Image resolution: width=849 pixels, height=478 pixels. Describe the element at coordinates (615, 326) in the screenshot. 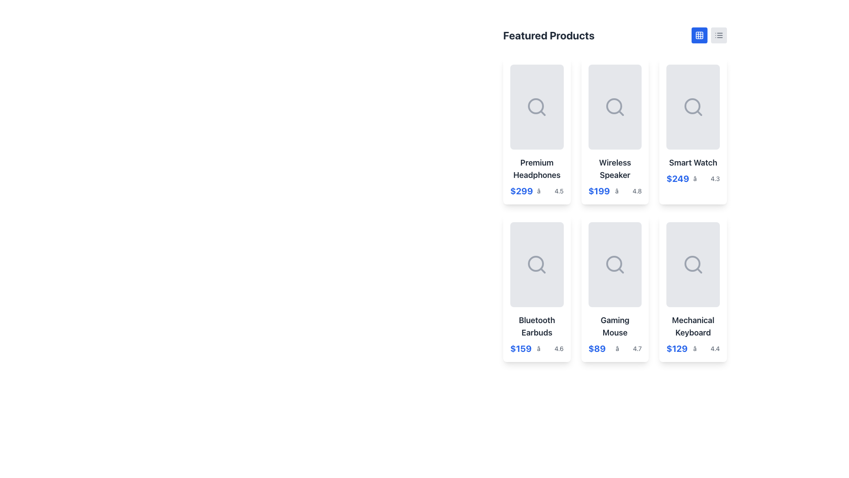

I see `the text label that states 'Gaming Mouse', which is a semibold dark gray text displayed in two lines within a grid layout of product information` at that location.